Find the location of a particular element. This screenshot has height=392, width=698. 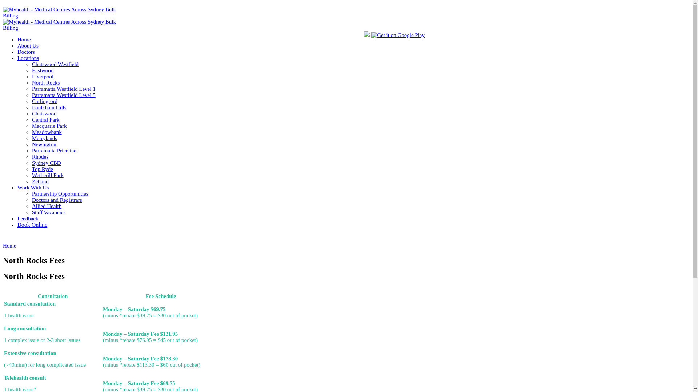

'Chatswood' is located at coordinates (31, 113).